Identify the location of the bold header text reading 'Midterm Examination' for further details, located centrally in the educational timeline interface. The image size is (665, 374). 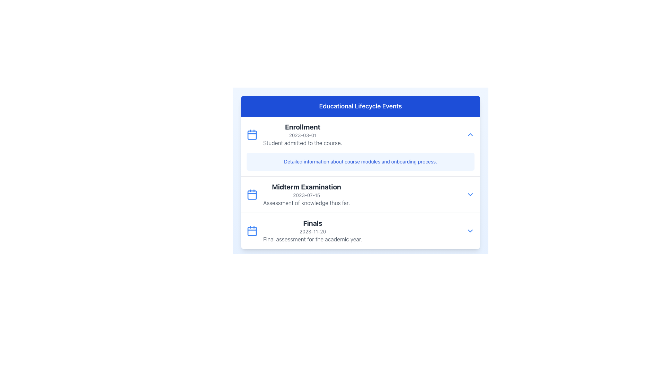
(306, 187).